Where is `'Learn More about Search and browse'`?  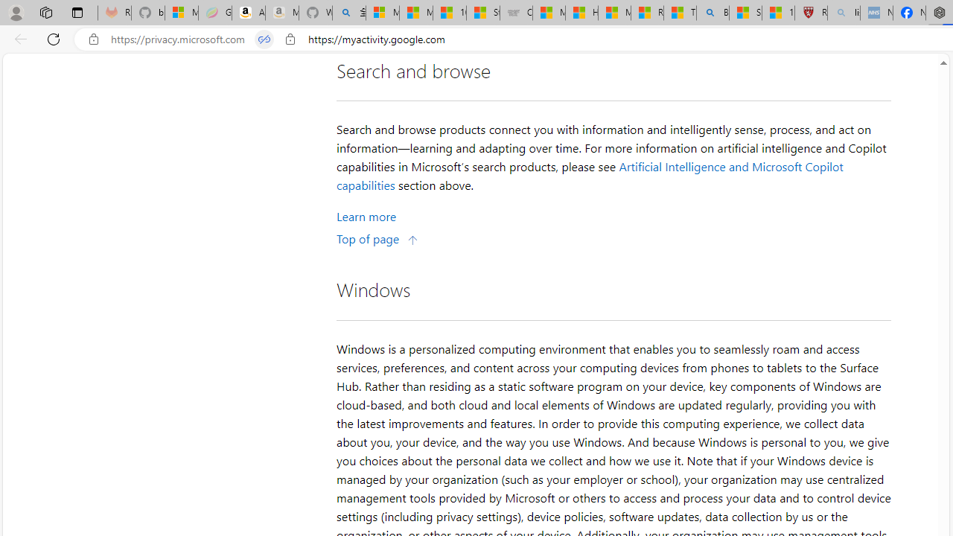
'Learn More about Search and browse' is located at coordinates (366, 216).